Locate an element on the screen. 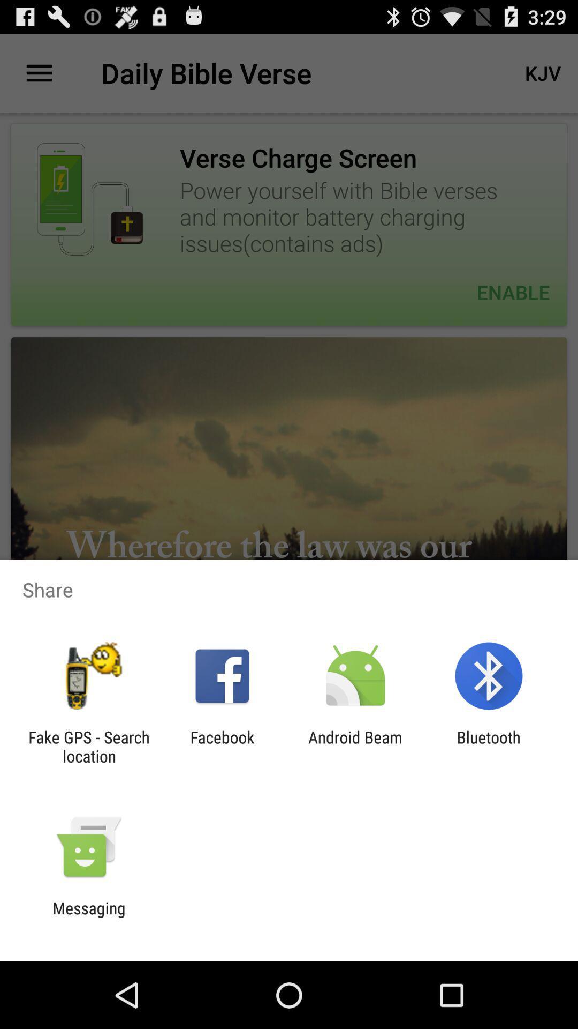 The image size is (578, 1029). app next to the android beam icon is located at coordinates (489, 746).